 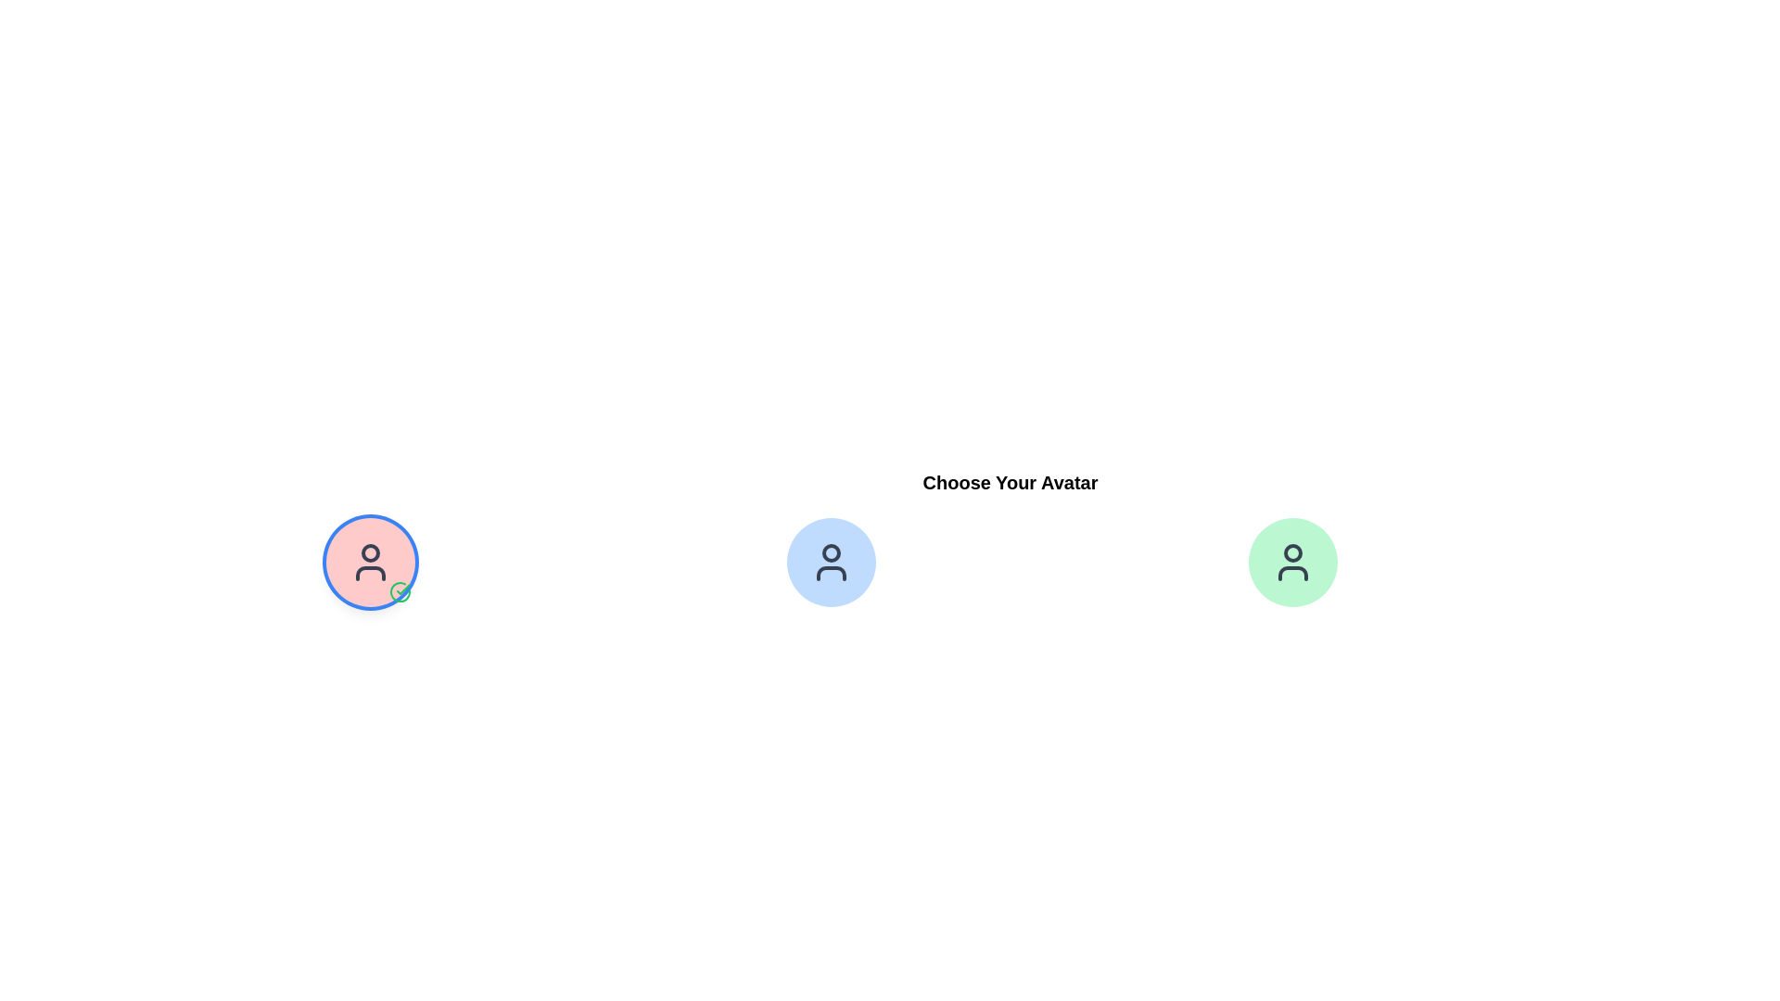 I want to click on informative heading text element positioned above the avatar selection grid, so click(x=1009, y=481).